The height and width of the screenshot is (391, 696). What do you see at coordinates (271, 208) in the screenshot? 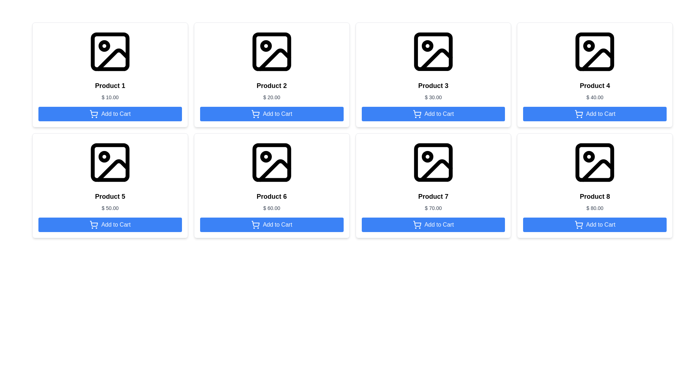
I see `price displayed on the static text label showing '$ 60.00', located below the main title of 'Product 6' and above the 'Add to Cart' button` at bounding box center [271, 208].